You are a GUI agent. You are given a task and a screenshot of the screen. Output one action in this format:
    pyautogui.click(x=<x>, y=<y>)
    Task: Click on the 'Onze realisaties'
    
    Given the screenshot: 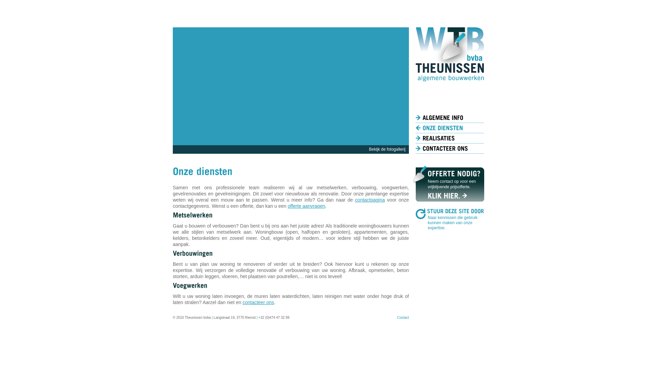 What is the action you would take?
    pyautogui.click(x=415, y=138)
    